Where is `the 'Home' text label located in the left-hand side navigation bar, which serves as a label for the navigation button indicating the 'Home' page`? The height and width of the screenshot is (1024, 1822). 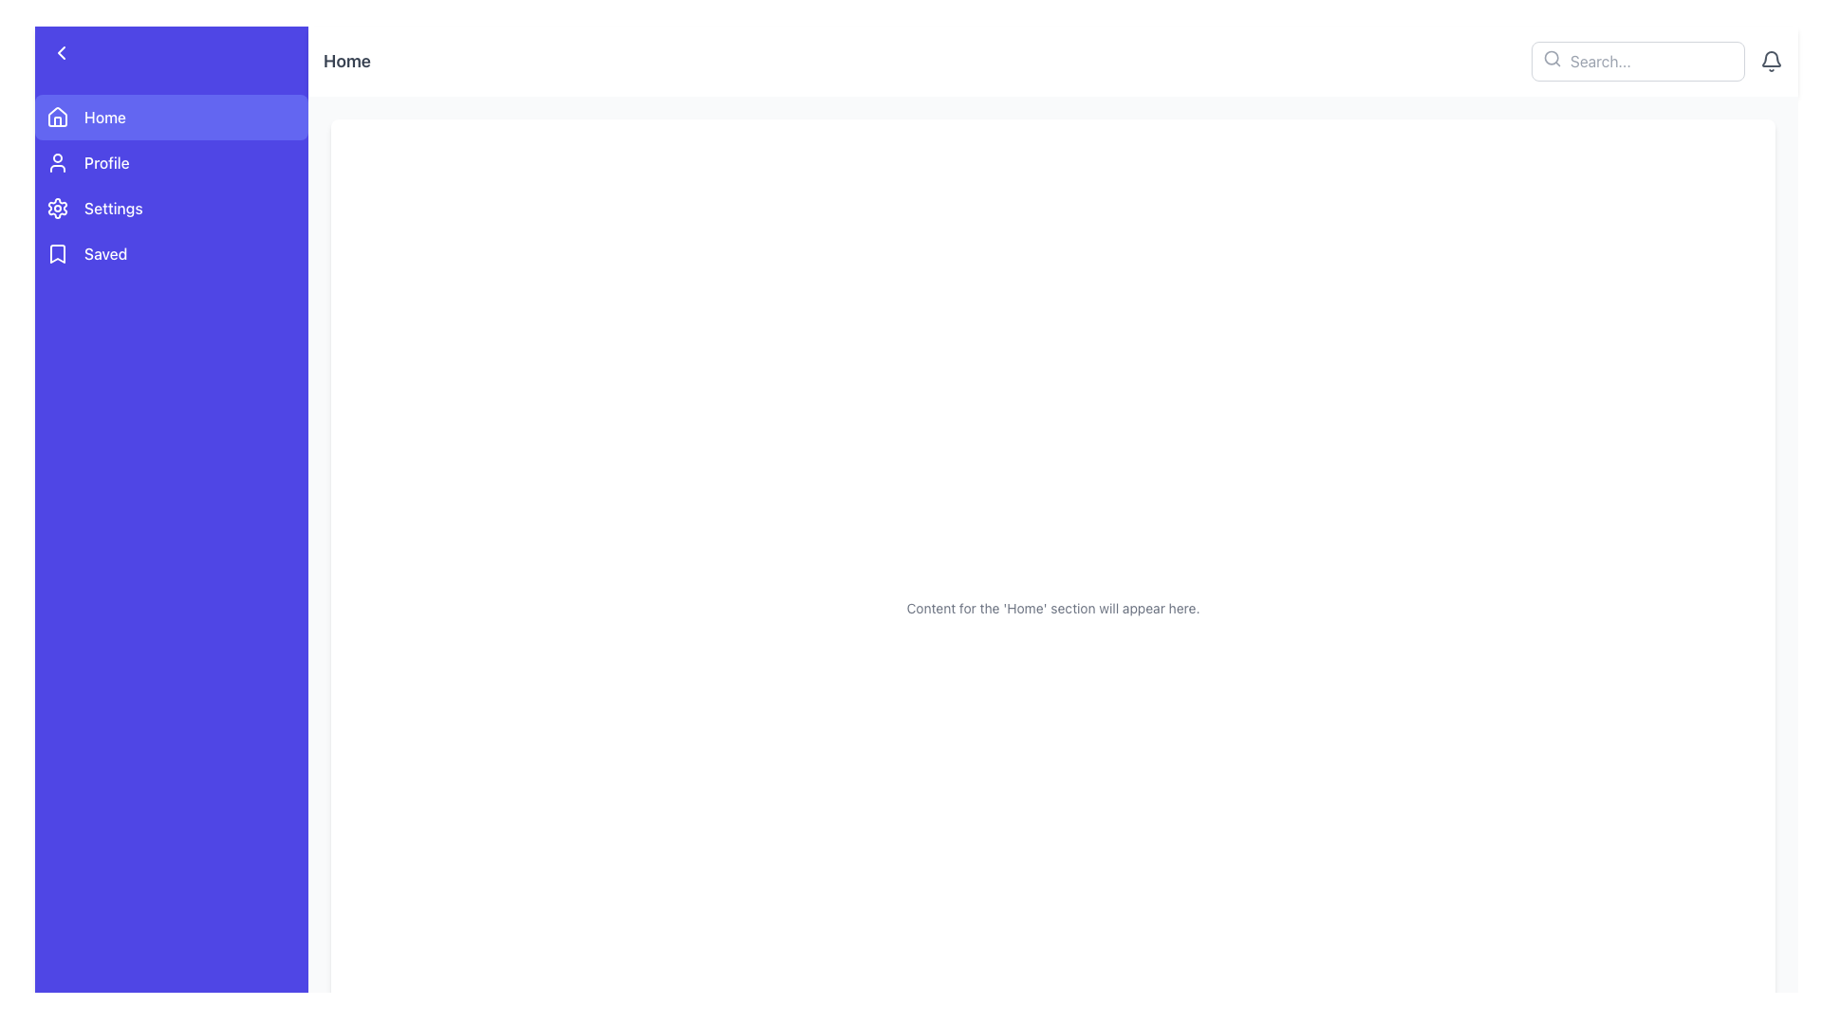 the 'Home' text label located in the left-hand side navigation bar, which serves as a label for the navigation button indicating the 'Home' page is located at coordinates (103, 117).